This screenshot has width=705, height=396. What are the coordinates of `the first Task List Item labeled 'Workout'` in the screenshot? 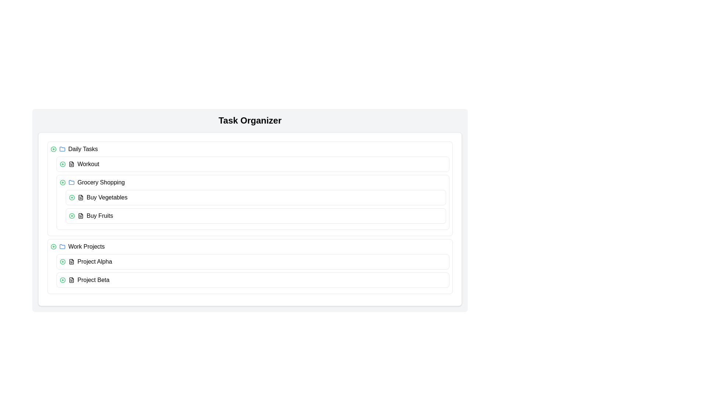 It's located at (253, 164).